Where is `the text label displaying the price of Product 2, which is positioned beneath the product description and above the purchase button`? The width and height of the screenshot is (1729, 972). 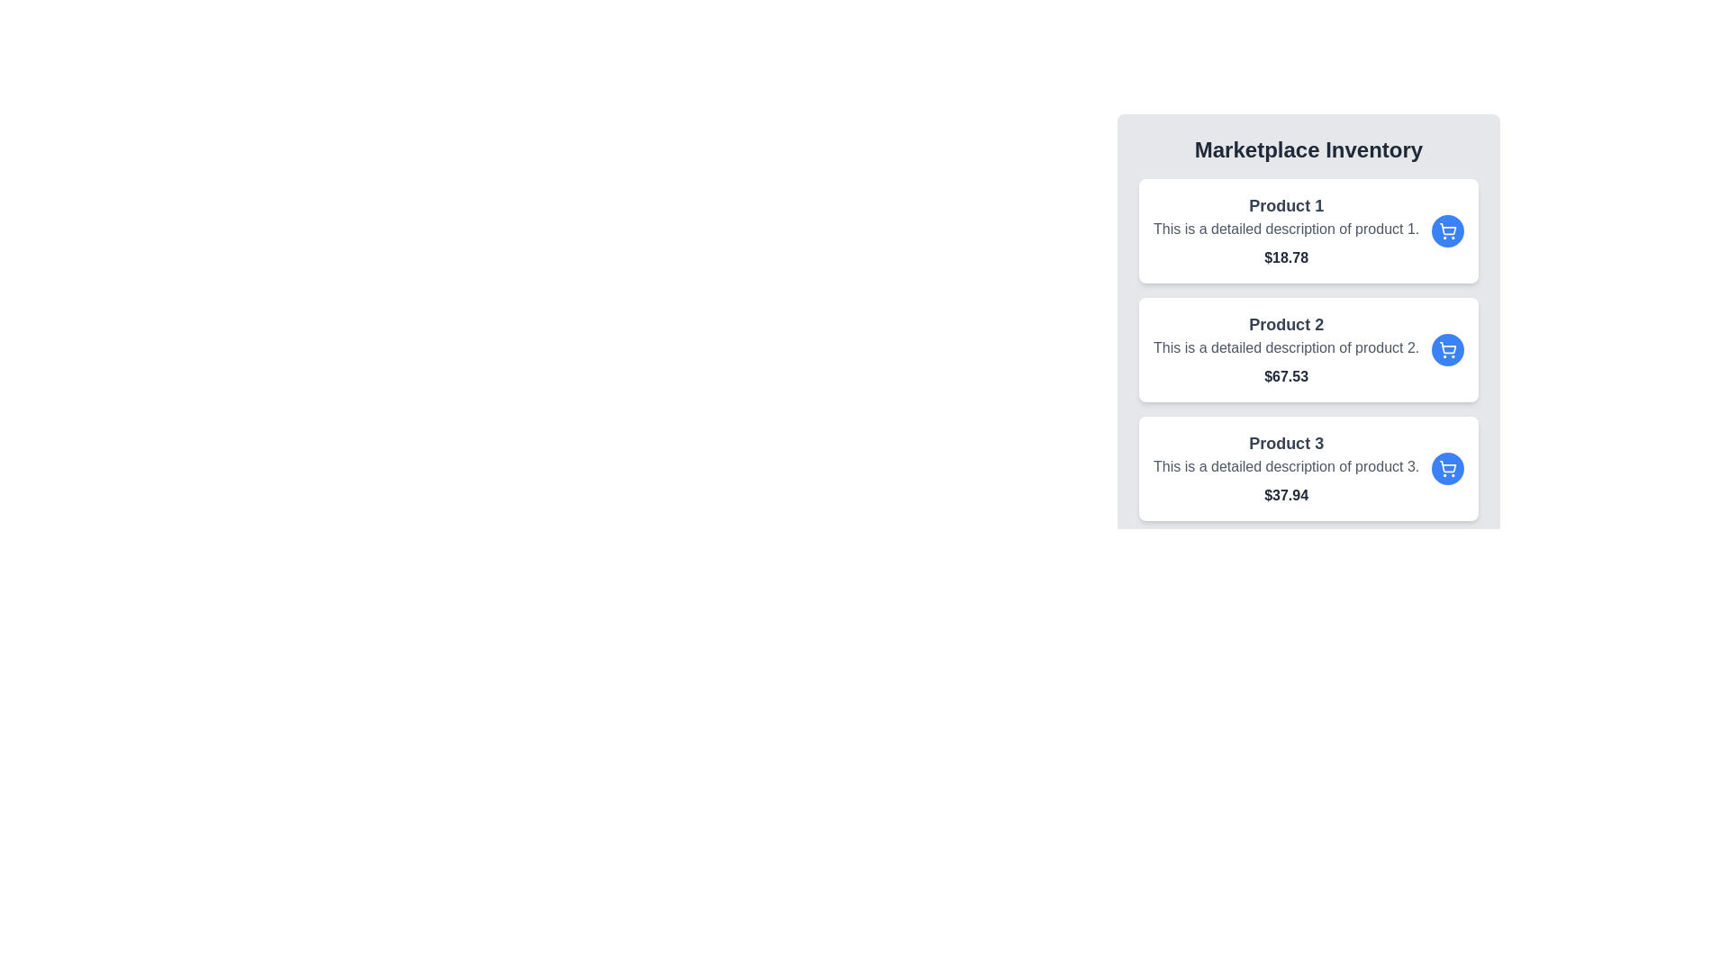
the text label displaying the price of Product 2, which is positioned beneath the product description and above the purchase button is located at coordinates (1285, 376).